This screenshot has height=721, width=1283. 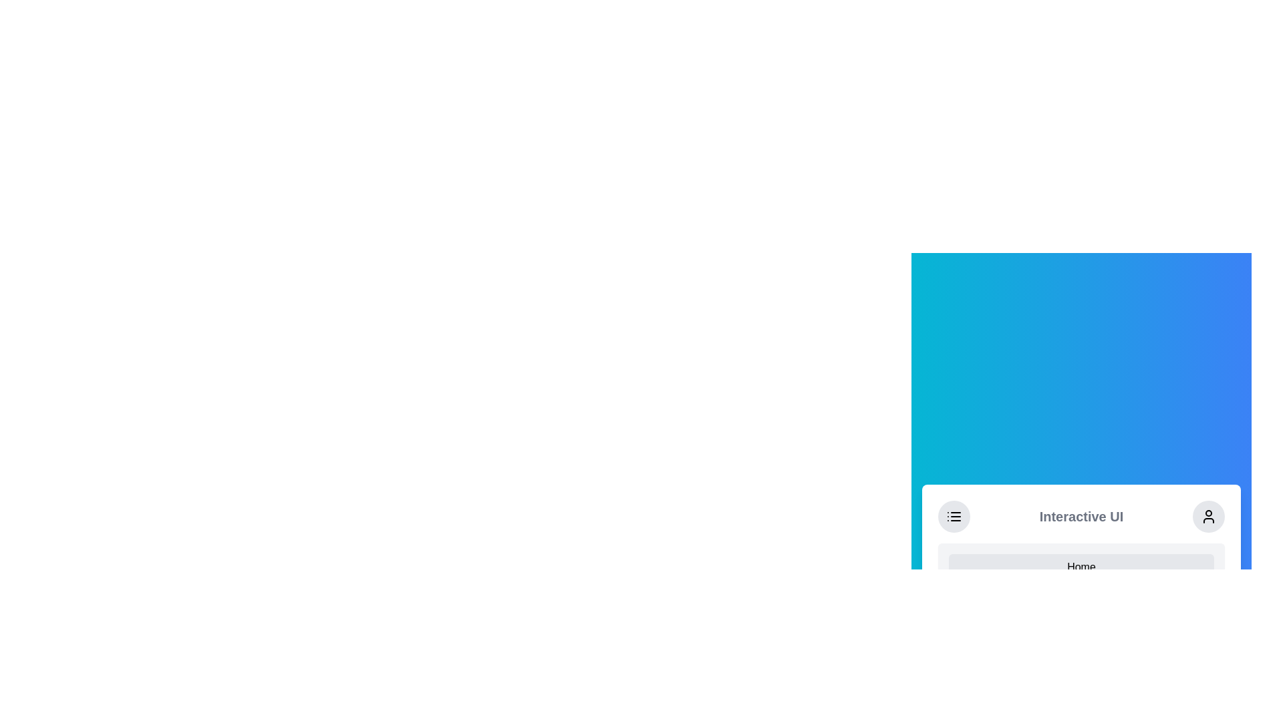 What do you see at coordinates (1209, 516) in the screenshot?
I see `the user profile icon` at bounding box center [1209, 516].